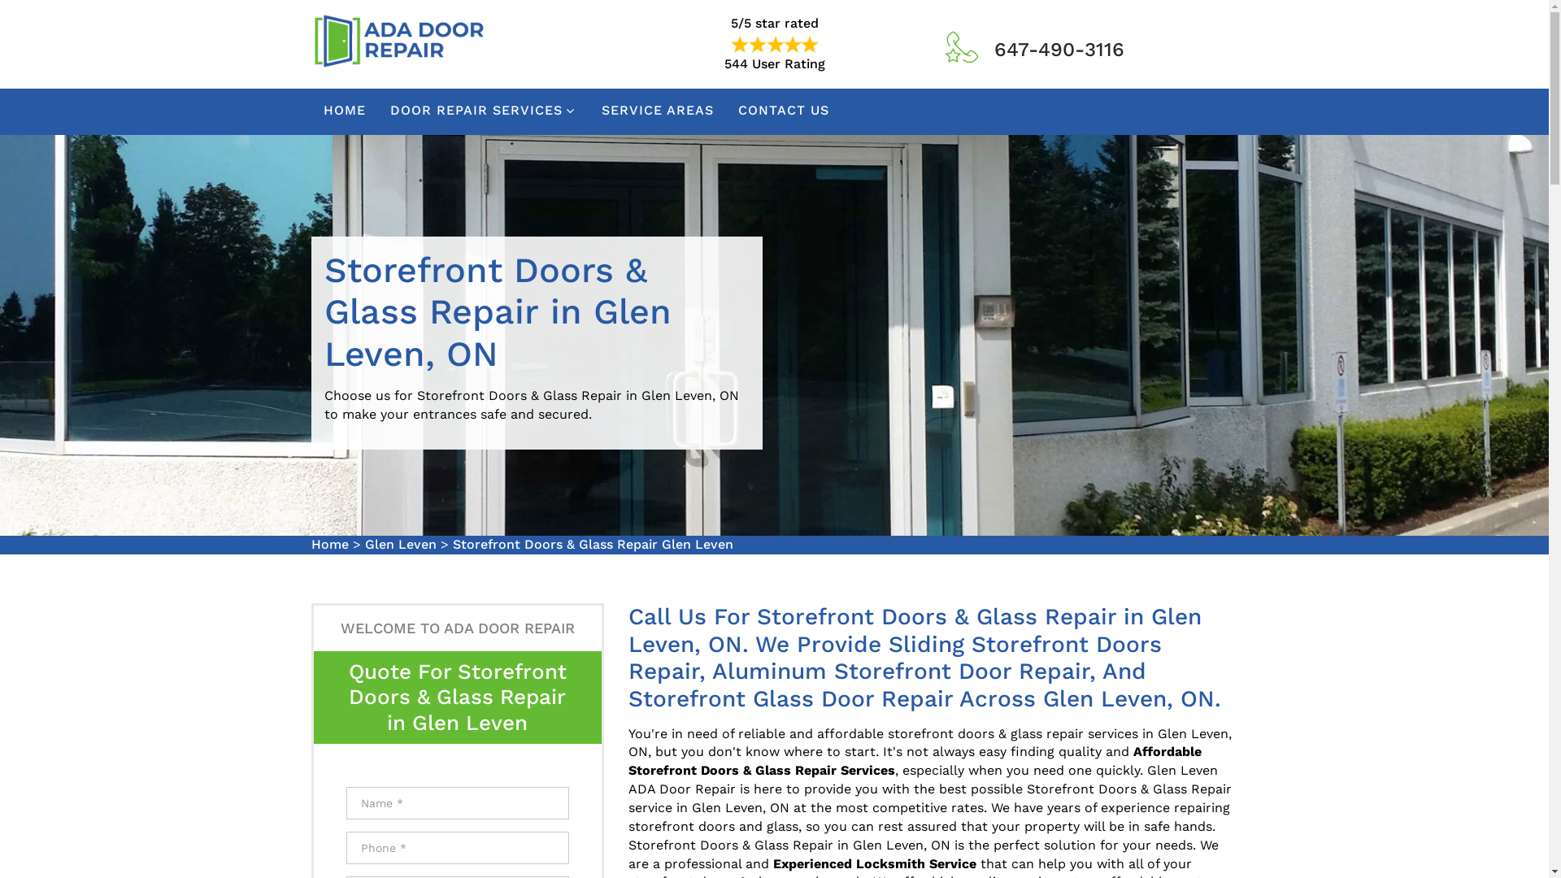 This screenshot has width=1561, height=878. Describe the element at coordinates (1058, 49) in the screenshot. I see `'647-490-3116'` at that location.